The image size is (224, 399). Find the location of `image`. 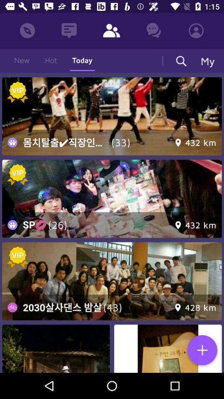

image is located at coordinates (56, 349).